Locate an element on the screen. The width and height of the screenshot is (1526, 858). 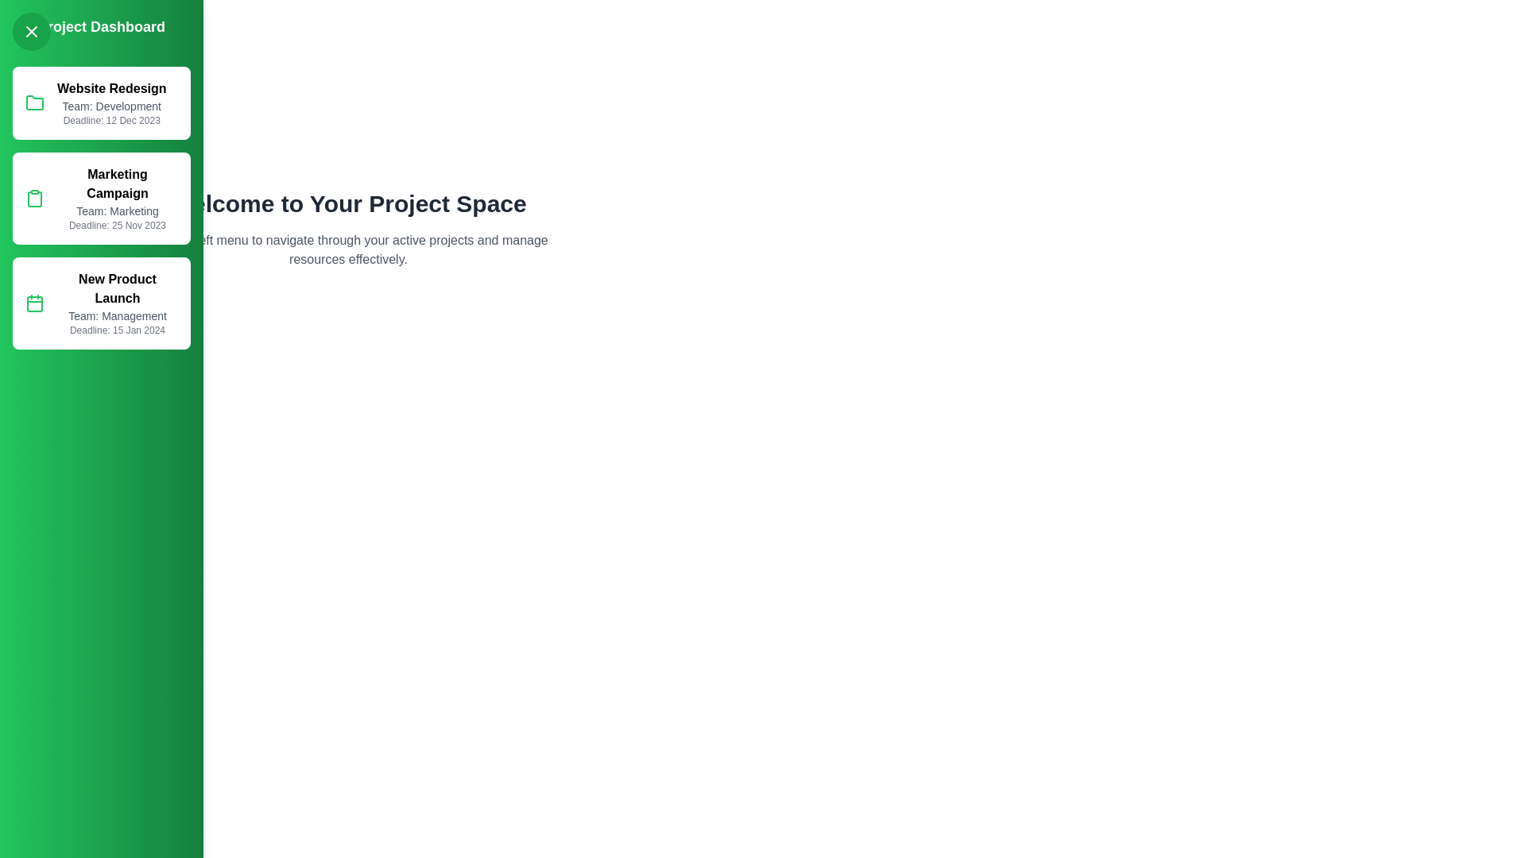
the toggle button to toggle the drawer open or closed is located at coordinates (31, 31).